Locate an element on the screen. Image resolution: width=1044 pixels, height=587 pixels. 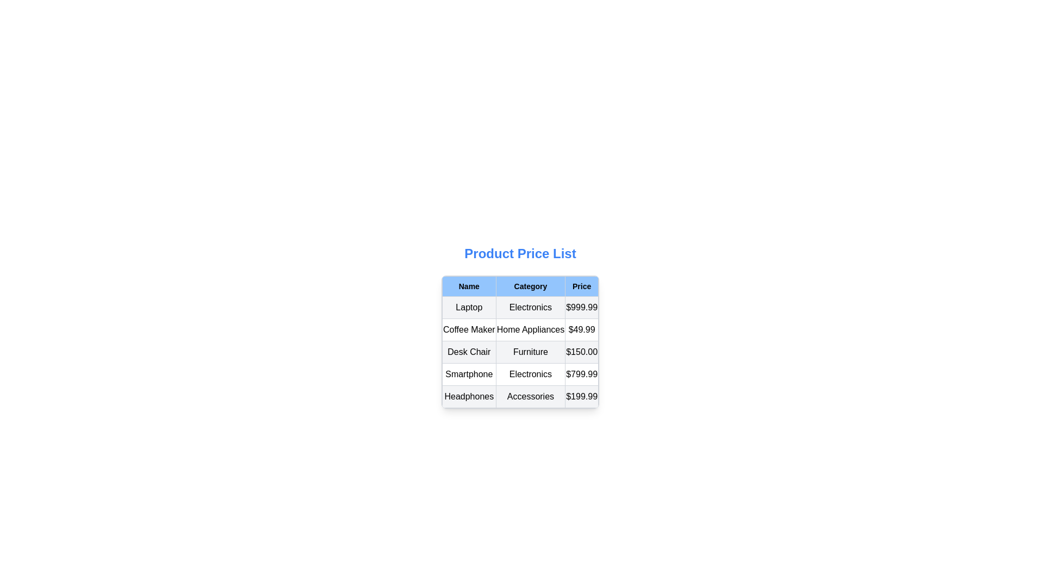
the header row of the table that labels the columns 'Name', 'Category', and 'Price' is located at coordinates (519, 286).